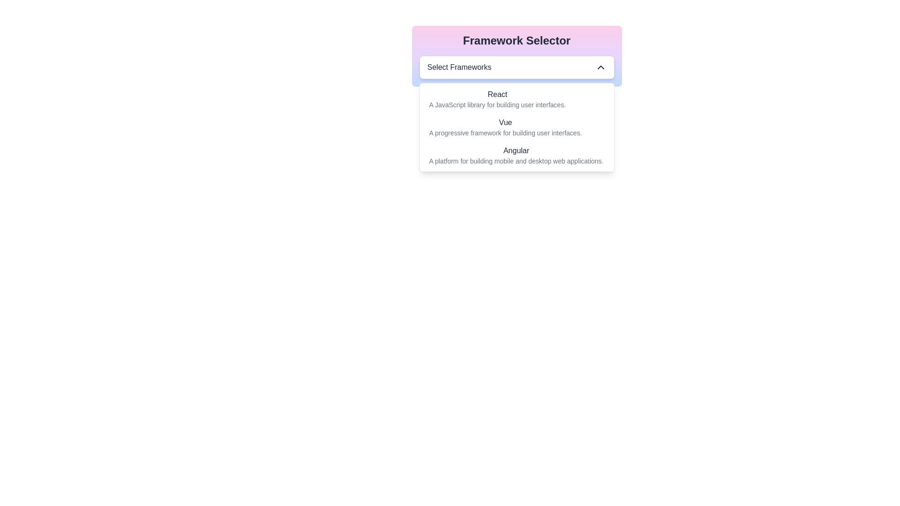 This screenshot has width=900, height=506. I want to click on the text label that reads 'A platform for building mobile and desktop web applications.' located below the title 'Angular' in the dropdown menu, so click(516, 160).